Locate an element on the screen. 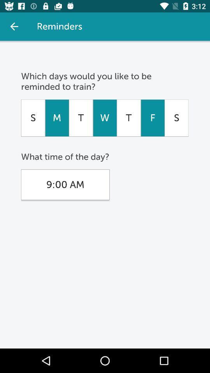 This screenshot has width=210, height=373. the icon to the left of s item is located at coordinates (152, 118).